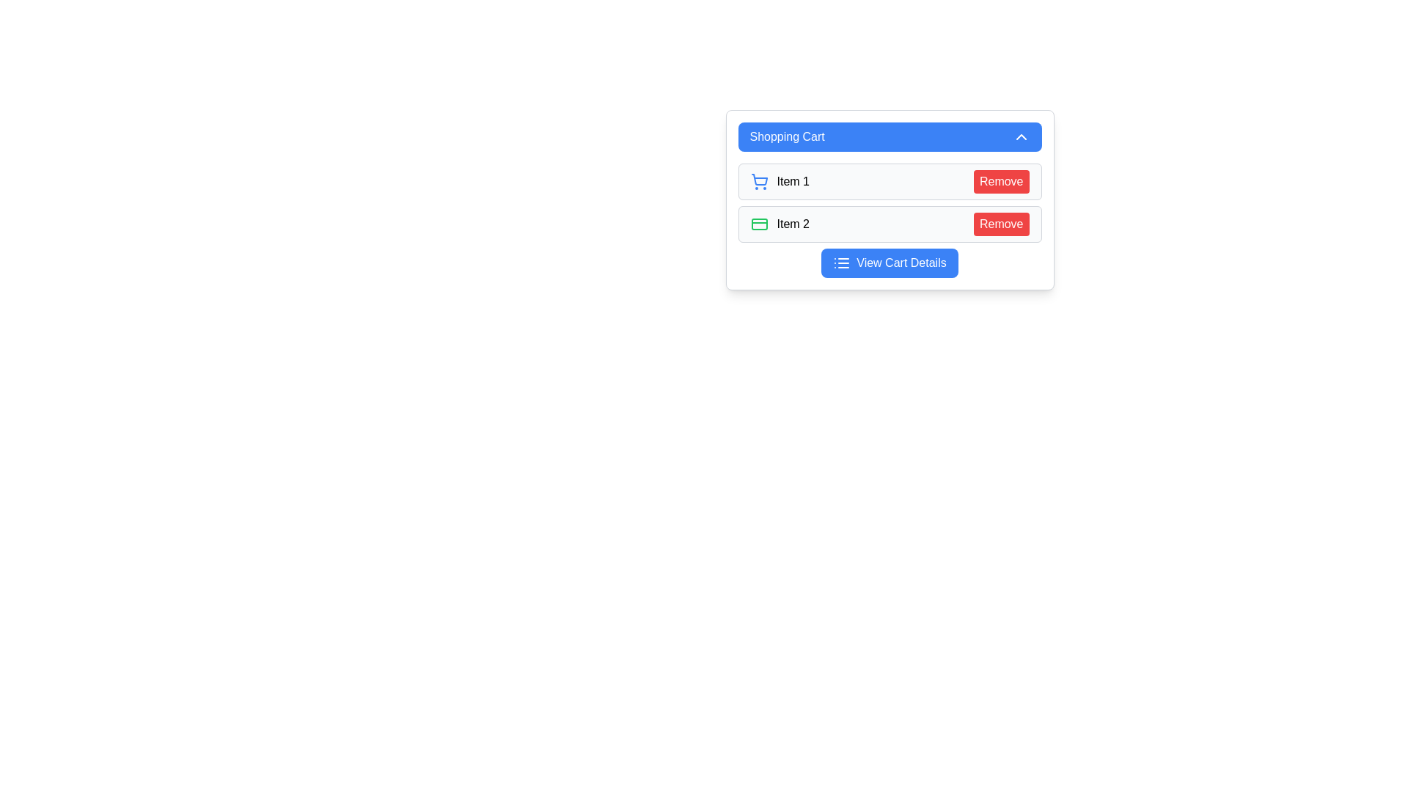 This screenshot has height=792, width=1408. I want to click on the shopping cart icon with a blue outline located next to the label 'Item 1' in the top-left corner of the content area, so click(759, 179).